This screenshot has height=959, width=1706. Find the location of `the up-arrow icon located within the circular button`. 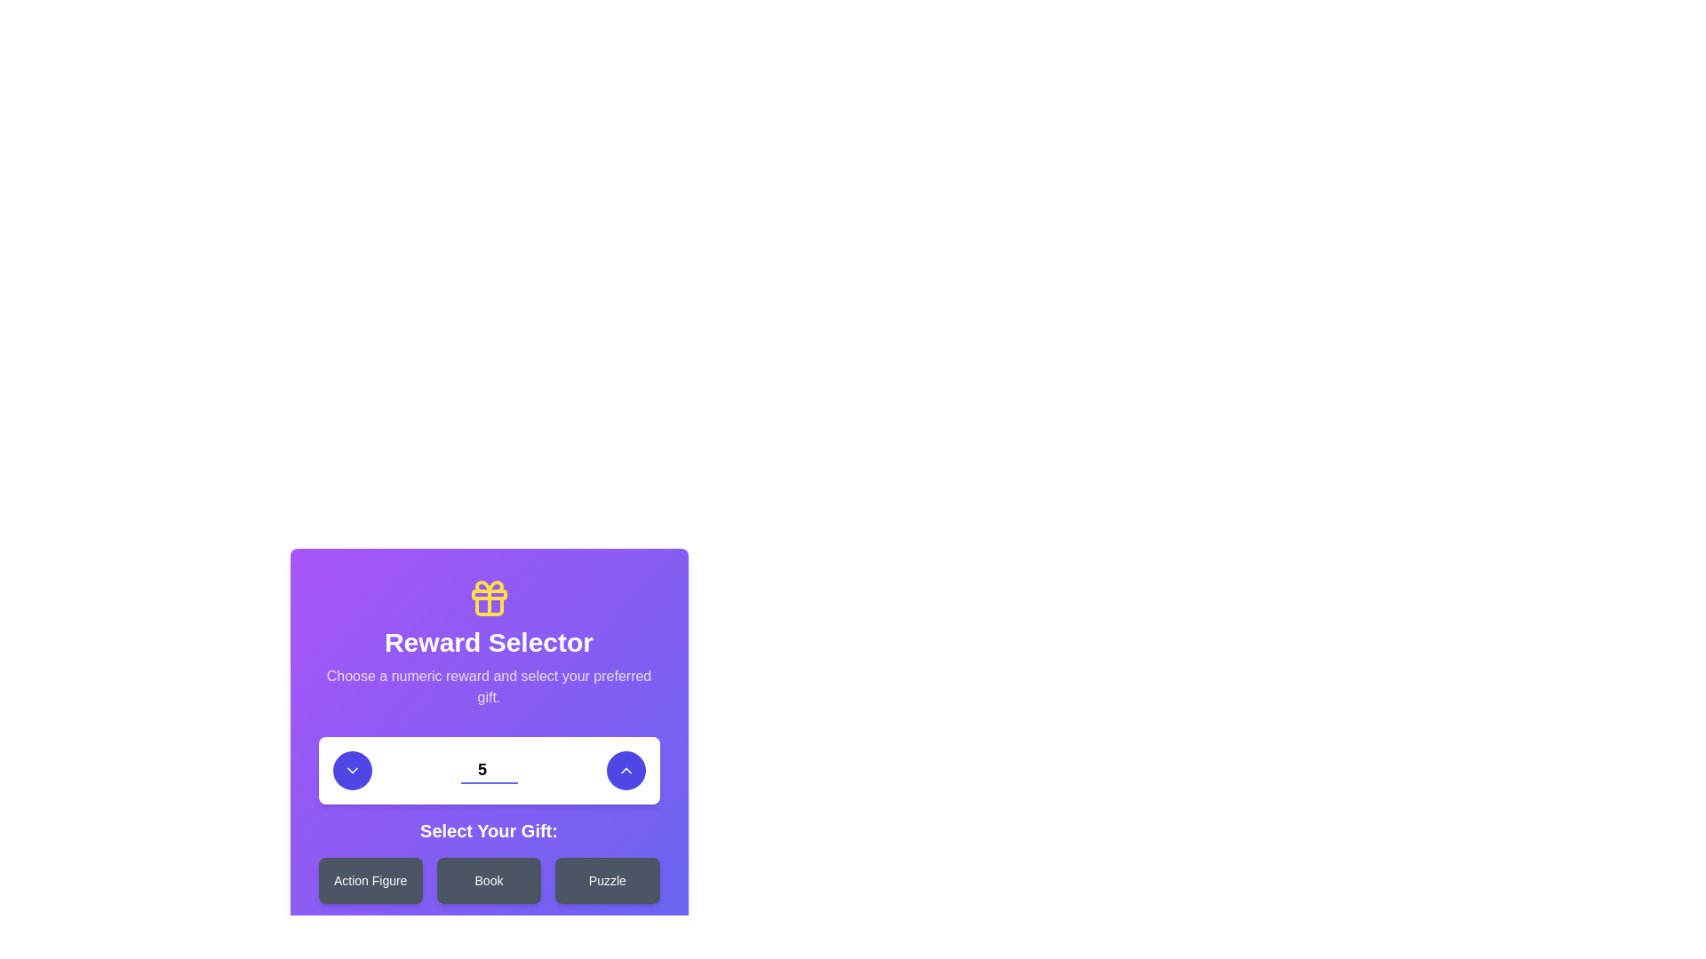

the up-arrow icon located within the circular button is located at coordinates (626, 769).